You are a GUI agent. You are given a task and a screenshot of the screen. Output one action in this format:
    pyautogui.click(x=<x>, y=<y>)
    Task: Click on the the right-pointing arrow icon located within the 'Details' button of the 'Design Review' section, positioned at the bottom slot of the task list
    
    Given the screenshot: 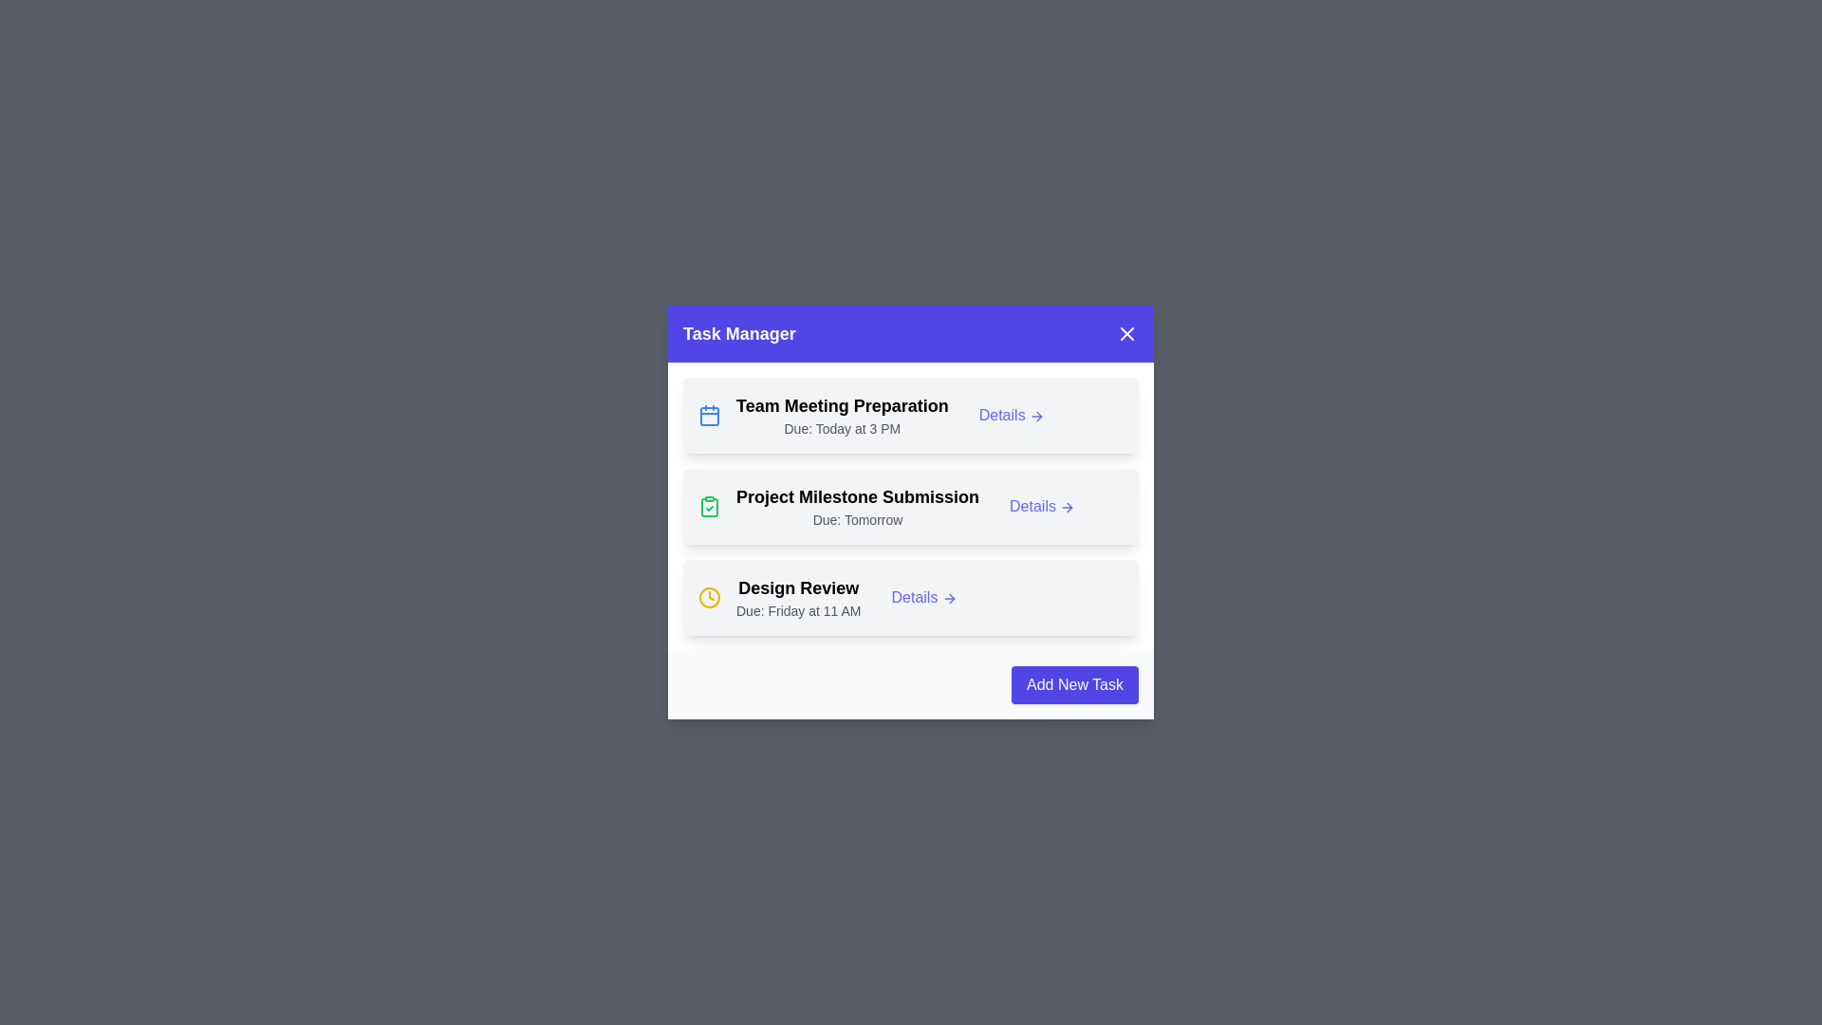 What is the action you would take?
    pyautogui.click(x=949, y=598)
    